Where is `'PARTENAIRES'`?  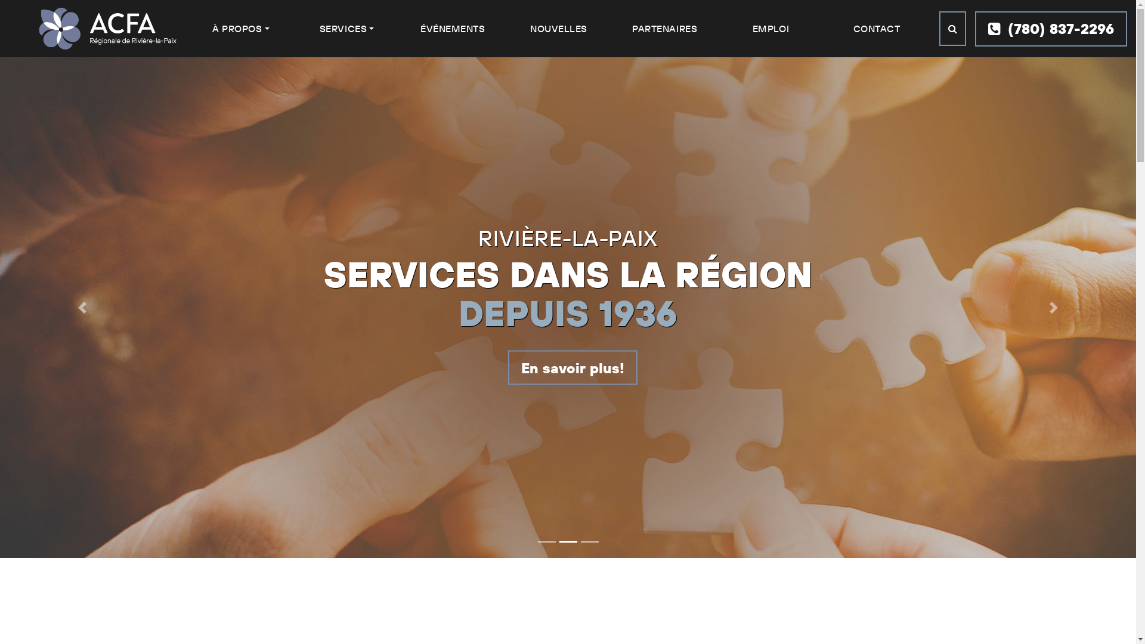 'PARTENAIRES' is located at coordinates (623, 27).